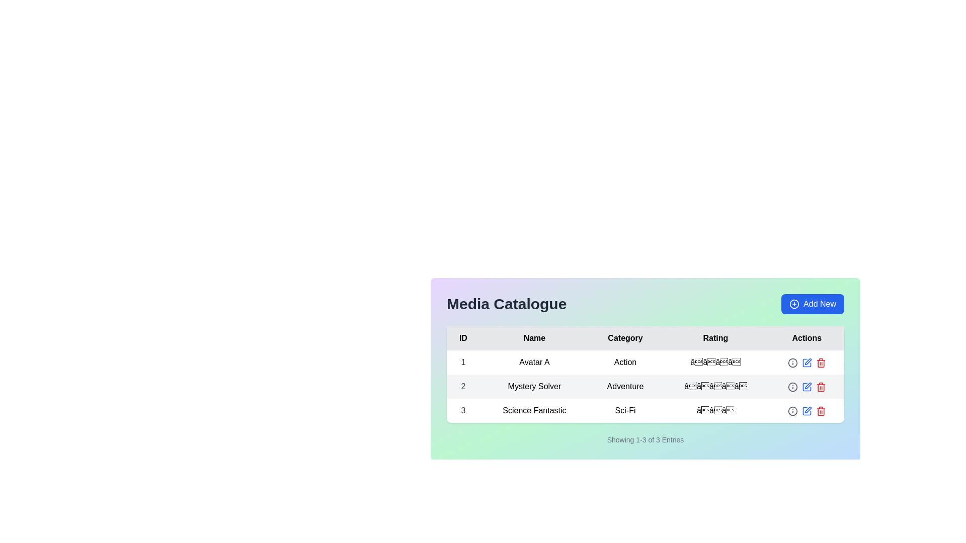 The image size is (966, 543). What do you see at coordinates (807, 386) in the screenshot?
I see `the edit icon button in the 'Actions' column of the second row for the entry 'Mystery Solver' in the 'Media Catalogue' table` at bounding box center [807, 386].